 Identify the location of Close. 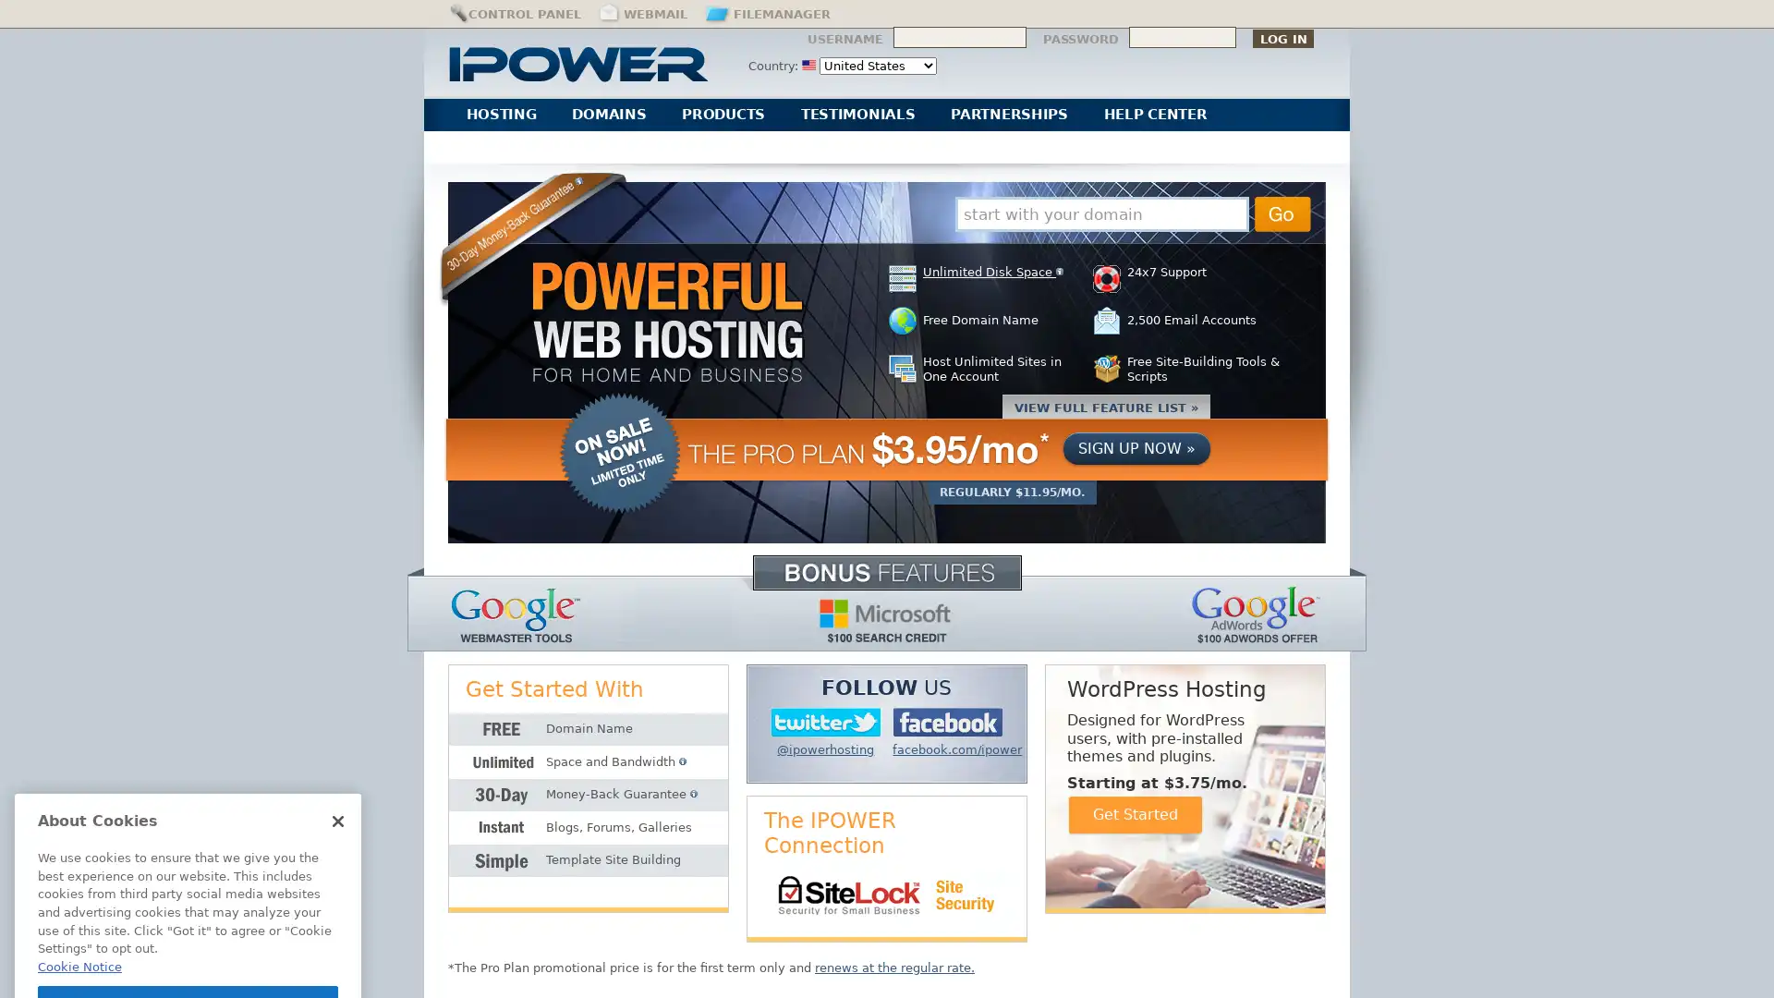
(337, 692).